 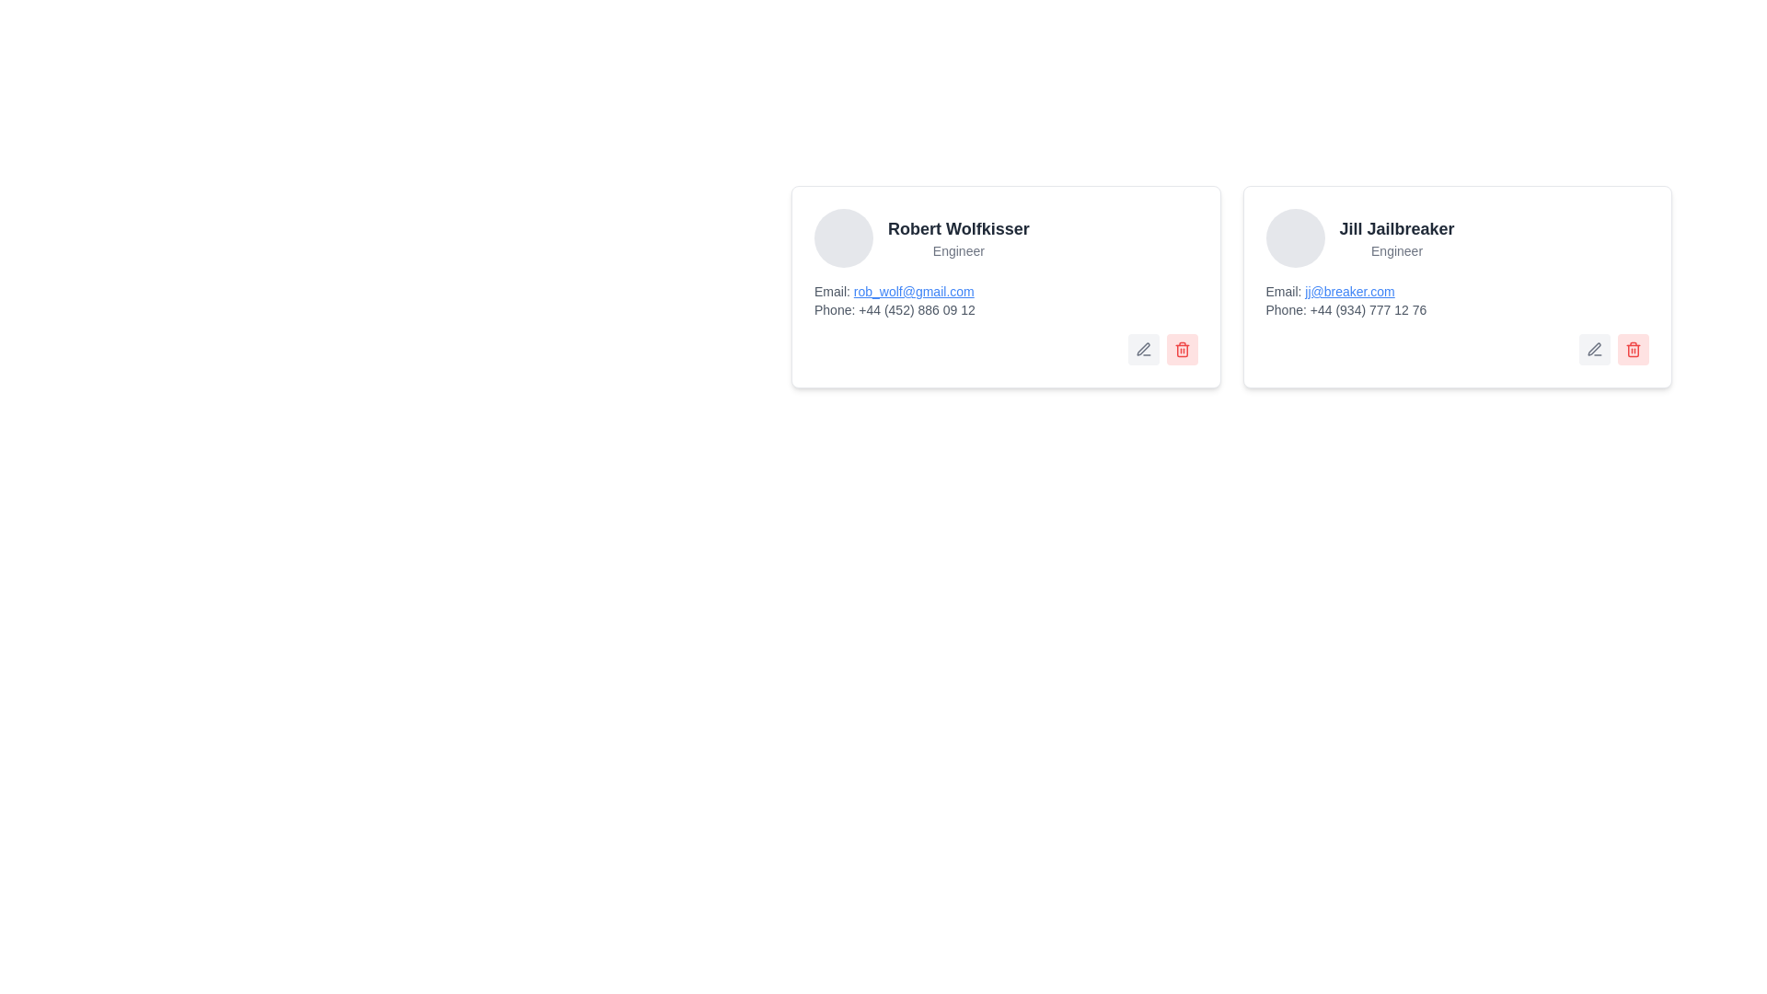 I want to click on the delete button with a trash can icon located at the bottom-right corner of the card labeled 'Jill Jailbreaker' to change its background color, so click(x=1634, y=350).